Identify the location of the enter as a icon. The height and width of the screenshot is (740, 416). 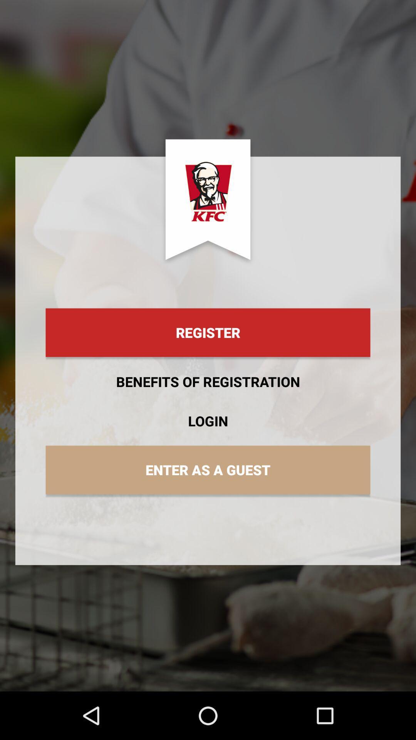
(208, 469).